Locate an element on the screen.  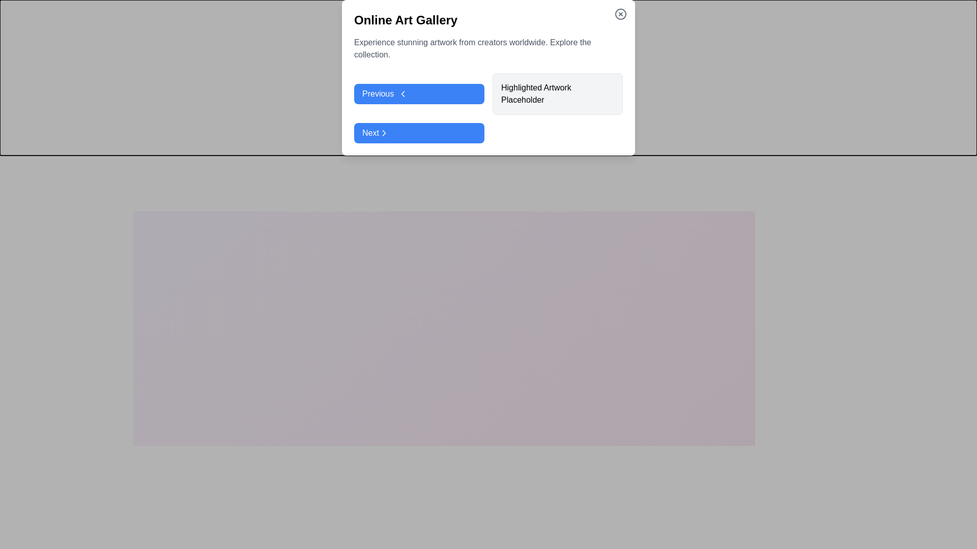
the 'Highlighted Artwork Placeholder' area is located at coordinates (444, 322).